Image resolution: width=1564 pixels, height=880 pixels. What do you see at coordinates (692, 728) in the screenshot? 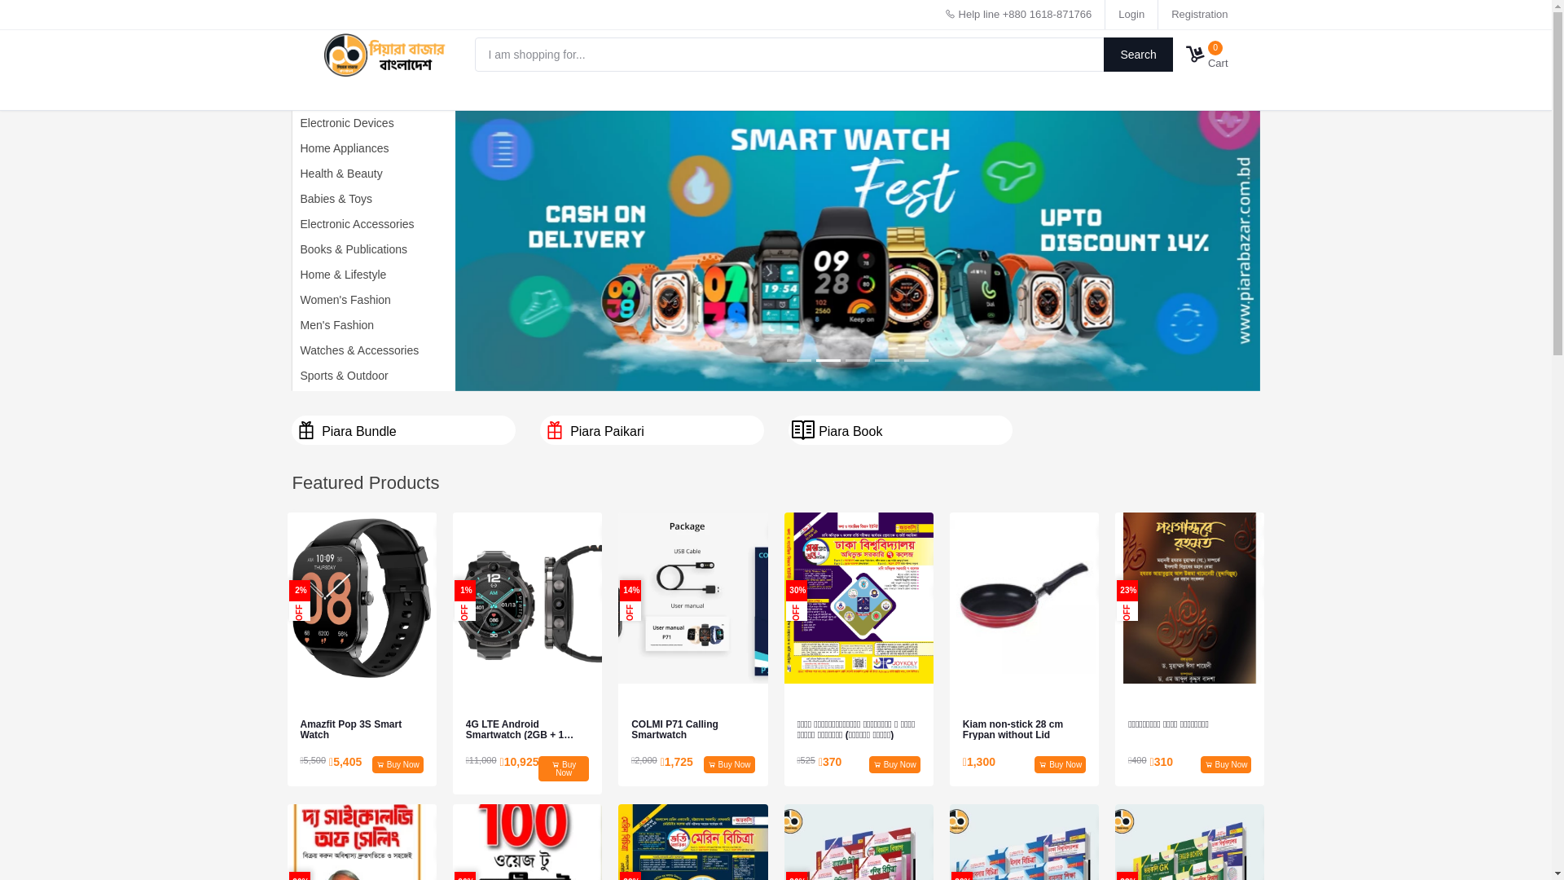
I see `'COLMI P71 Calling Smartwatch'` at bounding box center [692, 728].